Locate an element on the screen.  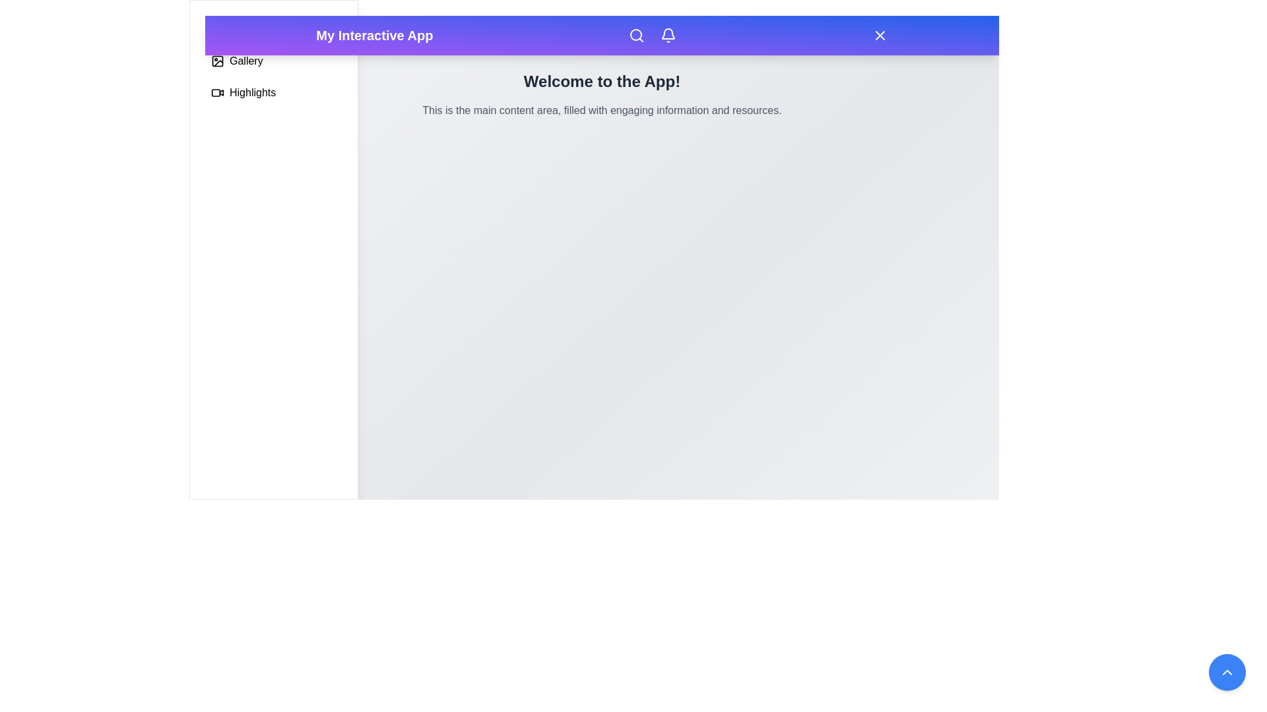
the 'X' shaped SVG icon located on the right side of the top navigation bar is located at coordinates (880, 35).